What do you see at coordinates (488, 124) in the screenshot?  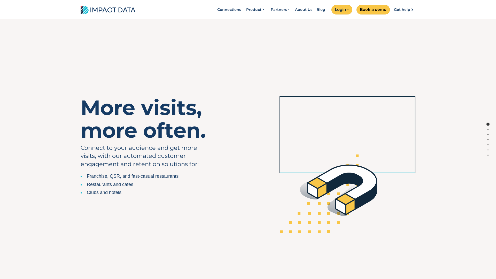 I see `'Section 1'` at bounding box center [488, 124].